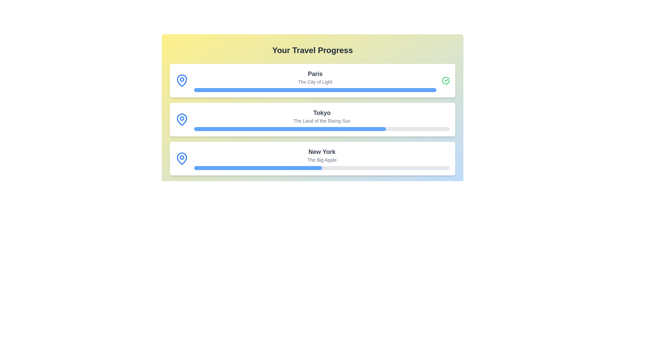 The height and width of the screenshot is (363, 646). I want to click on the lower part of the location marker pin icon representing a geographic pin for Paris, located within the first row of travel progress entries, so click(182, 80).